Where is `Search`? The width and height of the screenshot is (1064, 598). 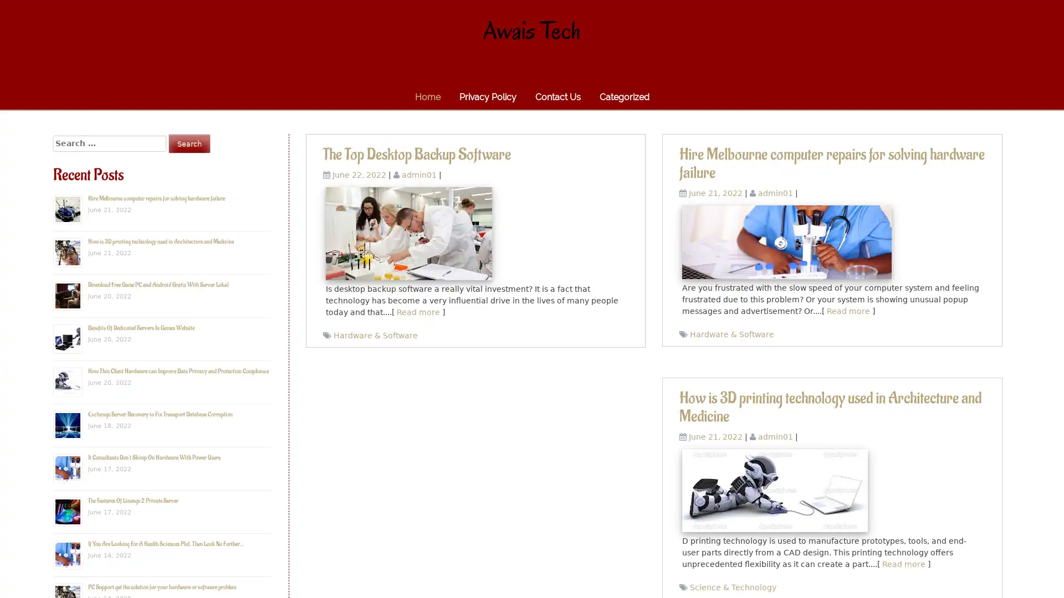 Search is located at coordinates (189, 143).